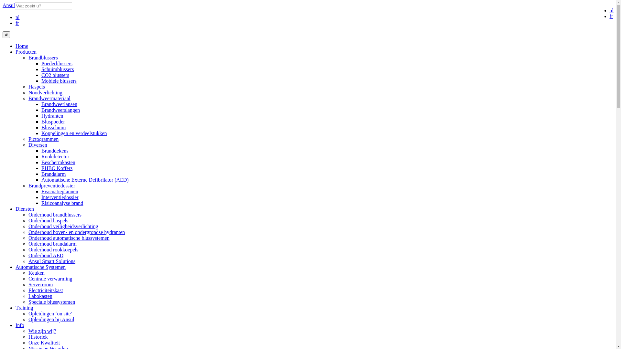  What do you see at coordinates (57, 63) in the screenshot?
I see `'Poederblussers'` at bounding box center [57, 63].